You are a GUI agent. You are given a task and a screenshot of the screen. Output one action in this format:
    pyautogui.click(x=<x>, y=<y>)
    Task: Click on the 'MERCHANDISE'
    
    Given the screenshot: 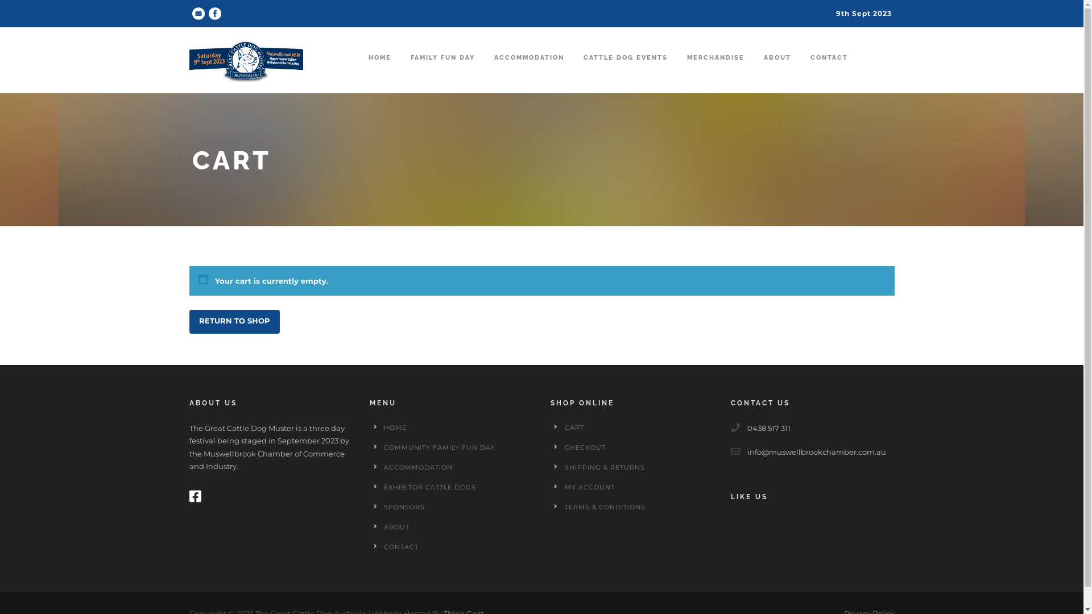 What is the action you would take?
    pyautogui.click(x=715, y=69)
    